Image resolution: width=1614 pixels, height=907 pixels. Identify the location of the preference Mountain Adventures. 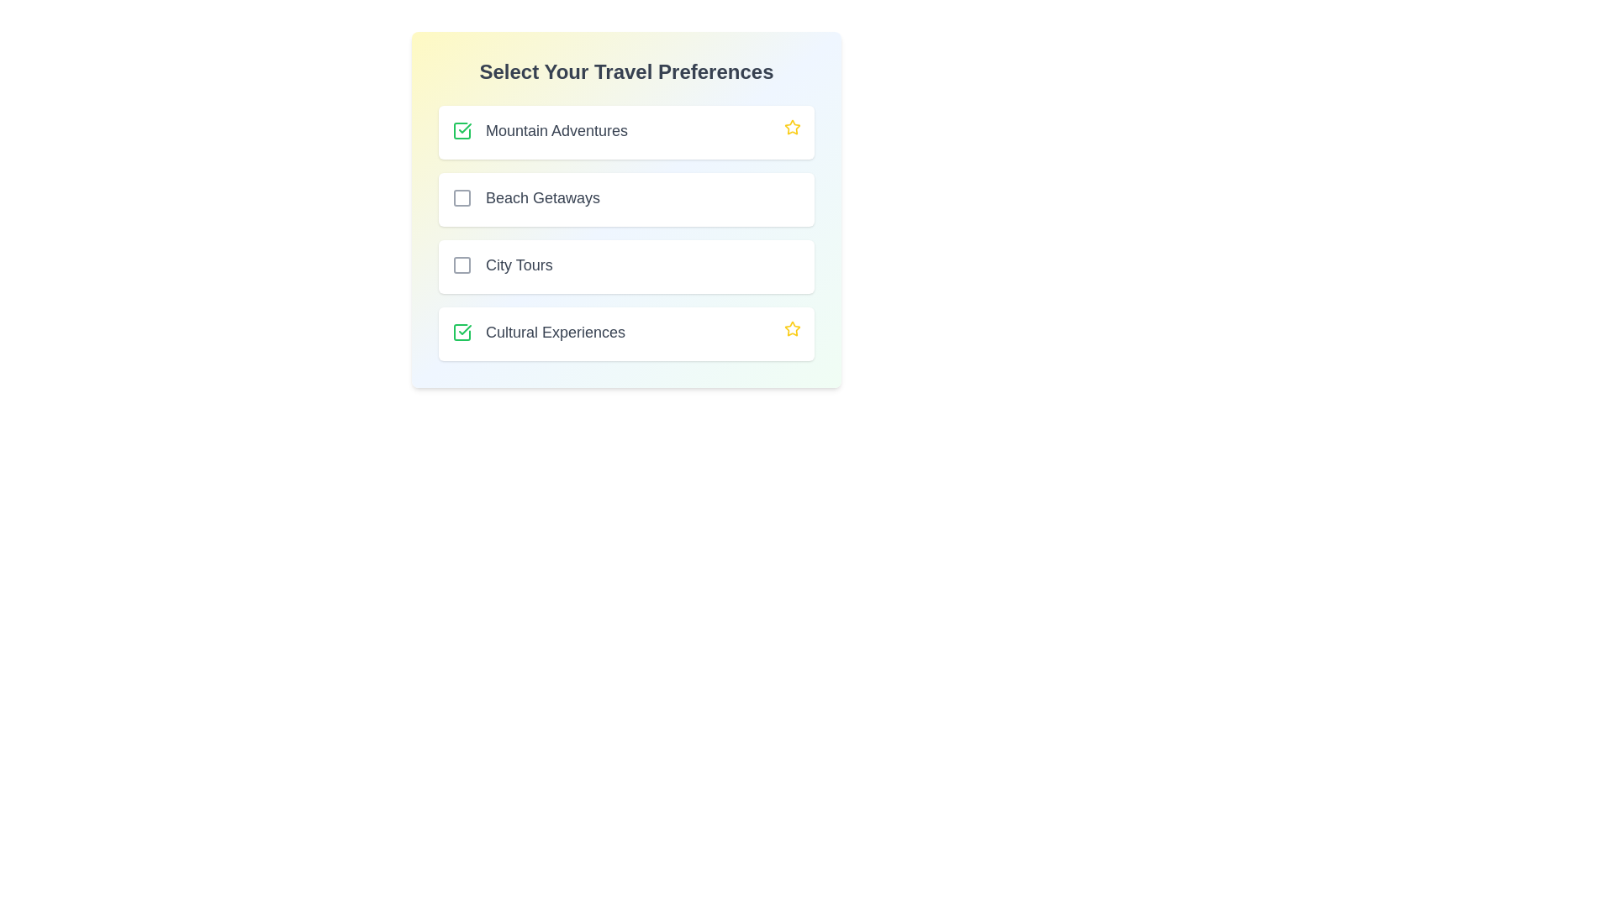
(462, 129).